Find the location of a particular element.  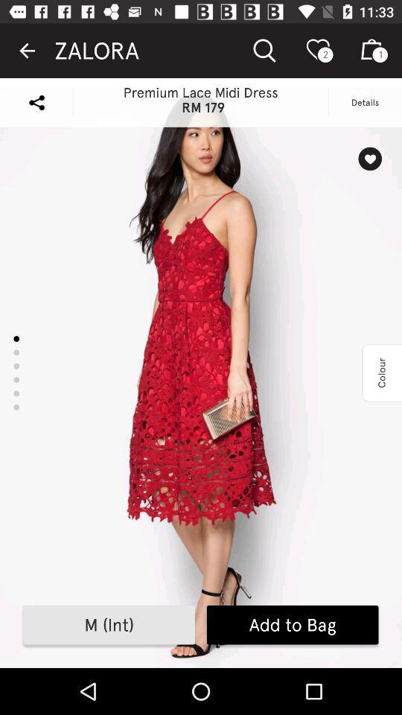

icon next to zalora is located at coordinates (27, 51).